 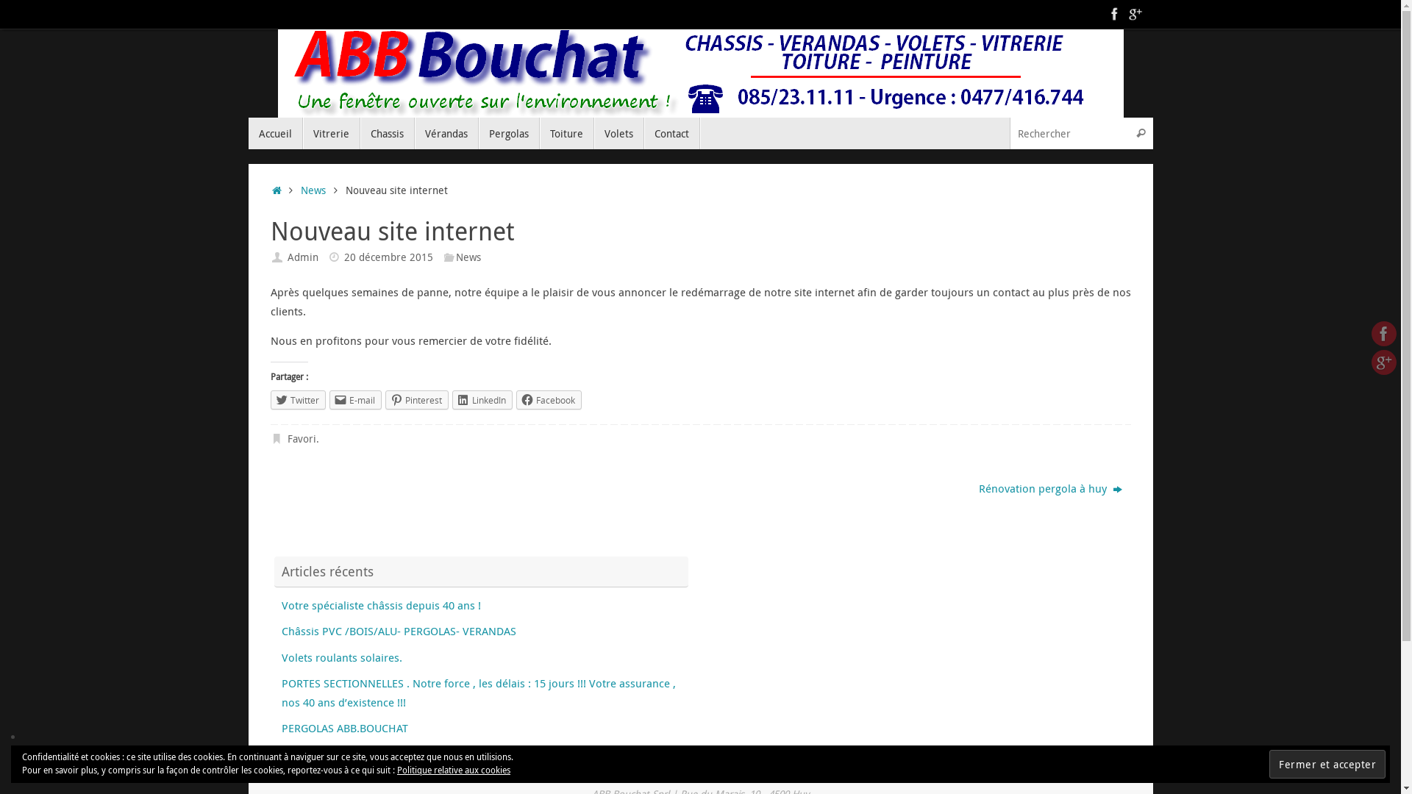 What do you see at coordinates (302, 133) in the screenshot?
I see `'Vitrerie'` at bounding box center [302, 133].